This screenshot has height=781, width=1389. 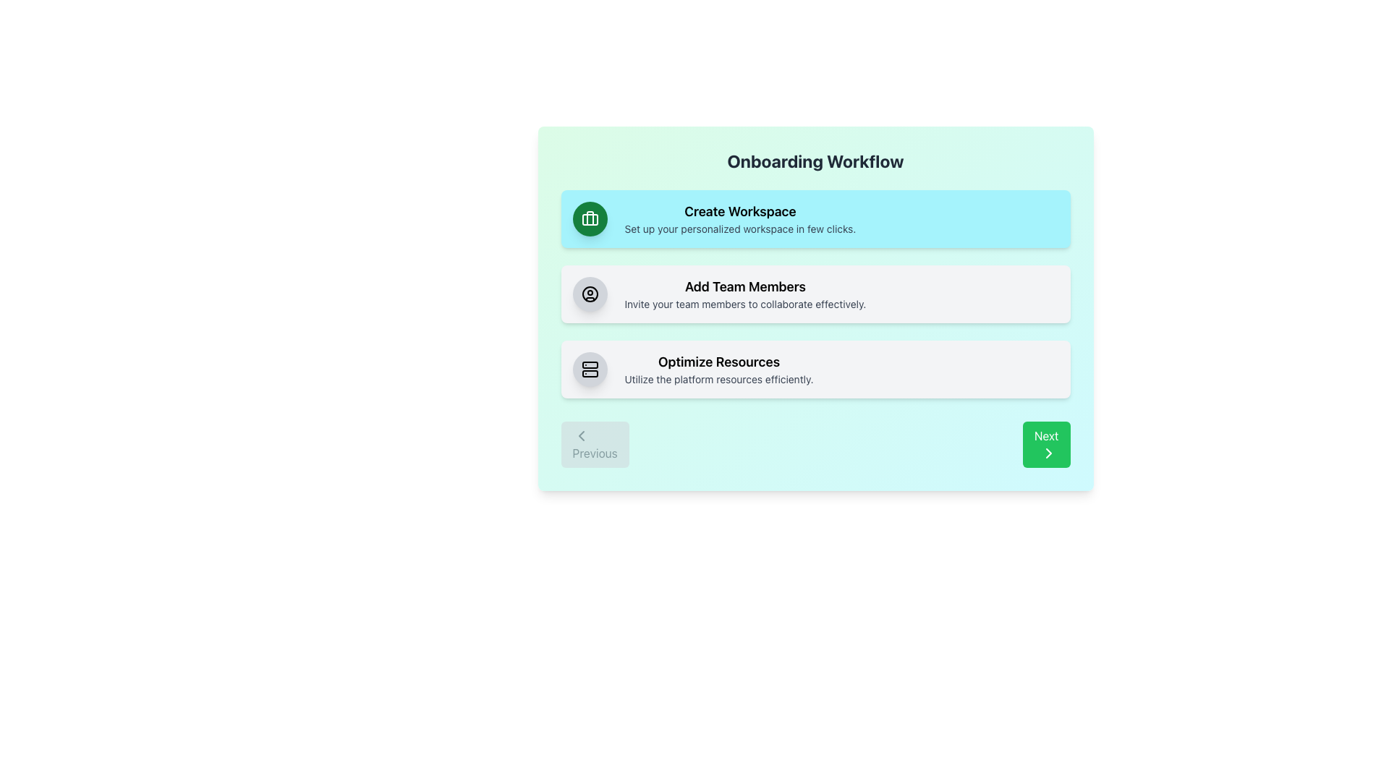 I want to click on the circular icon button with a light gray background and a black server stack icon, located in the 'Optimize Resources' section, aligned with its title and description, so click(x=590, y=368).